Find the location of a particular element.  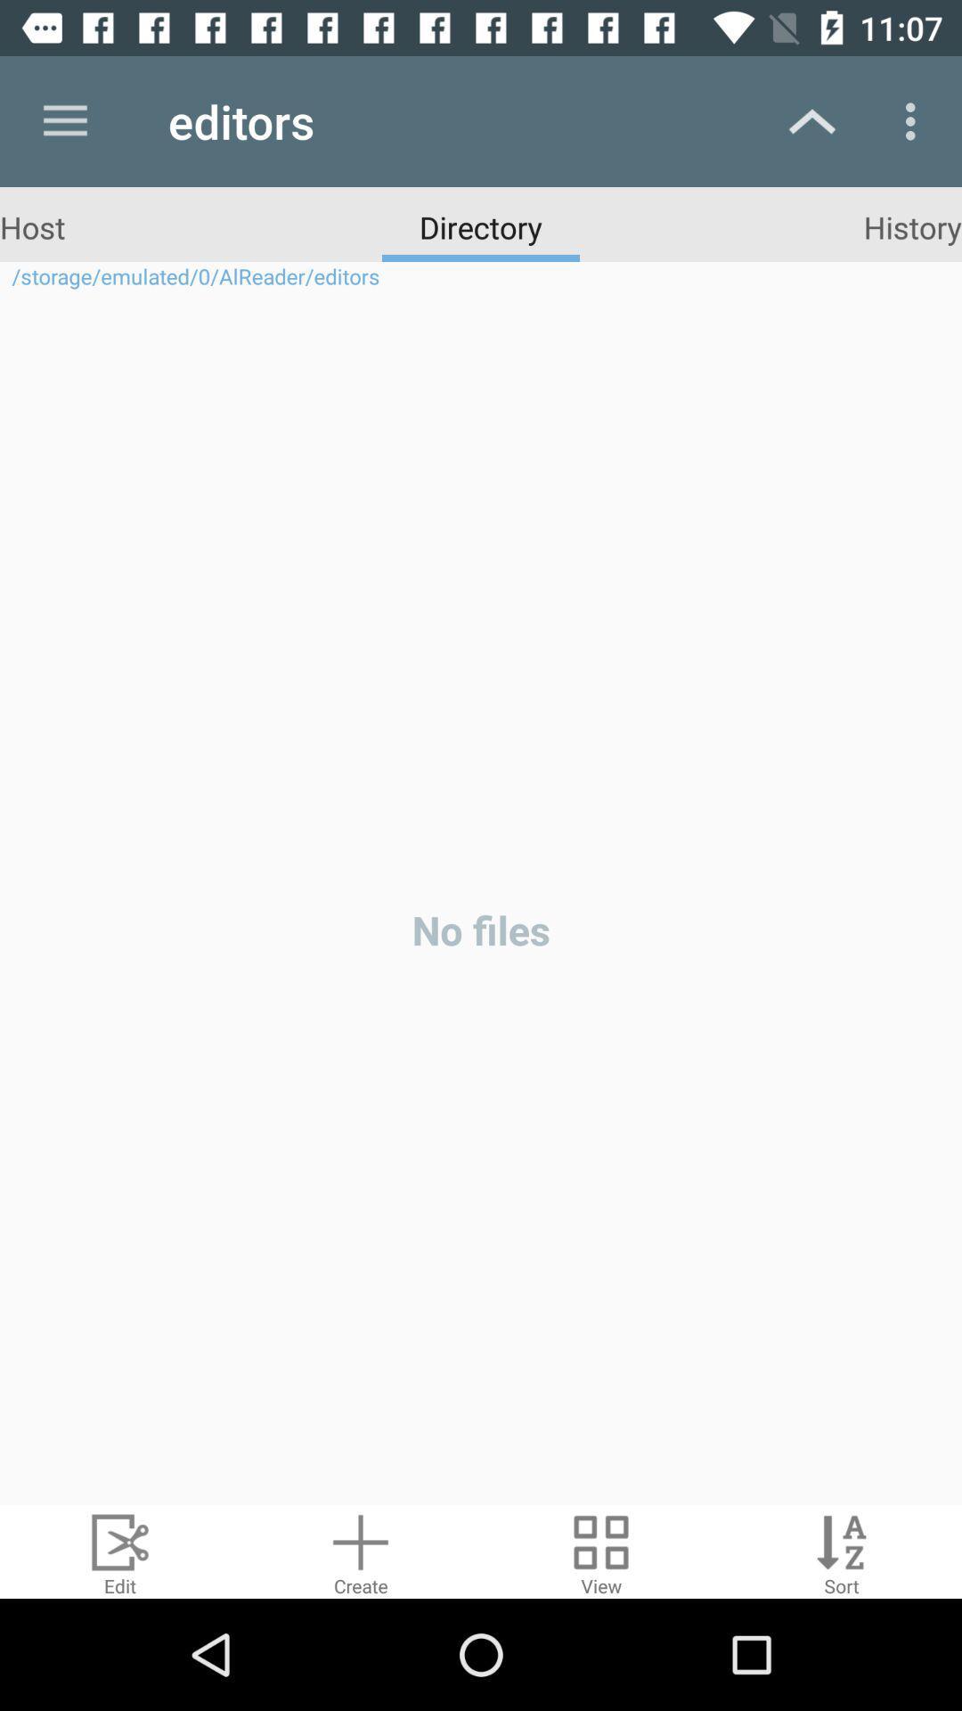

the history icon is located at coordinates (912, 225).